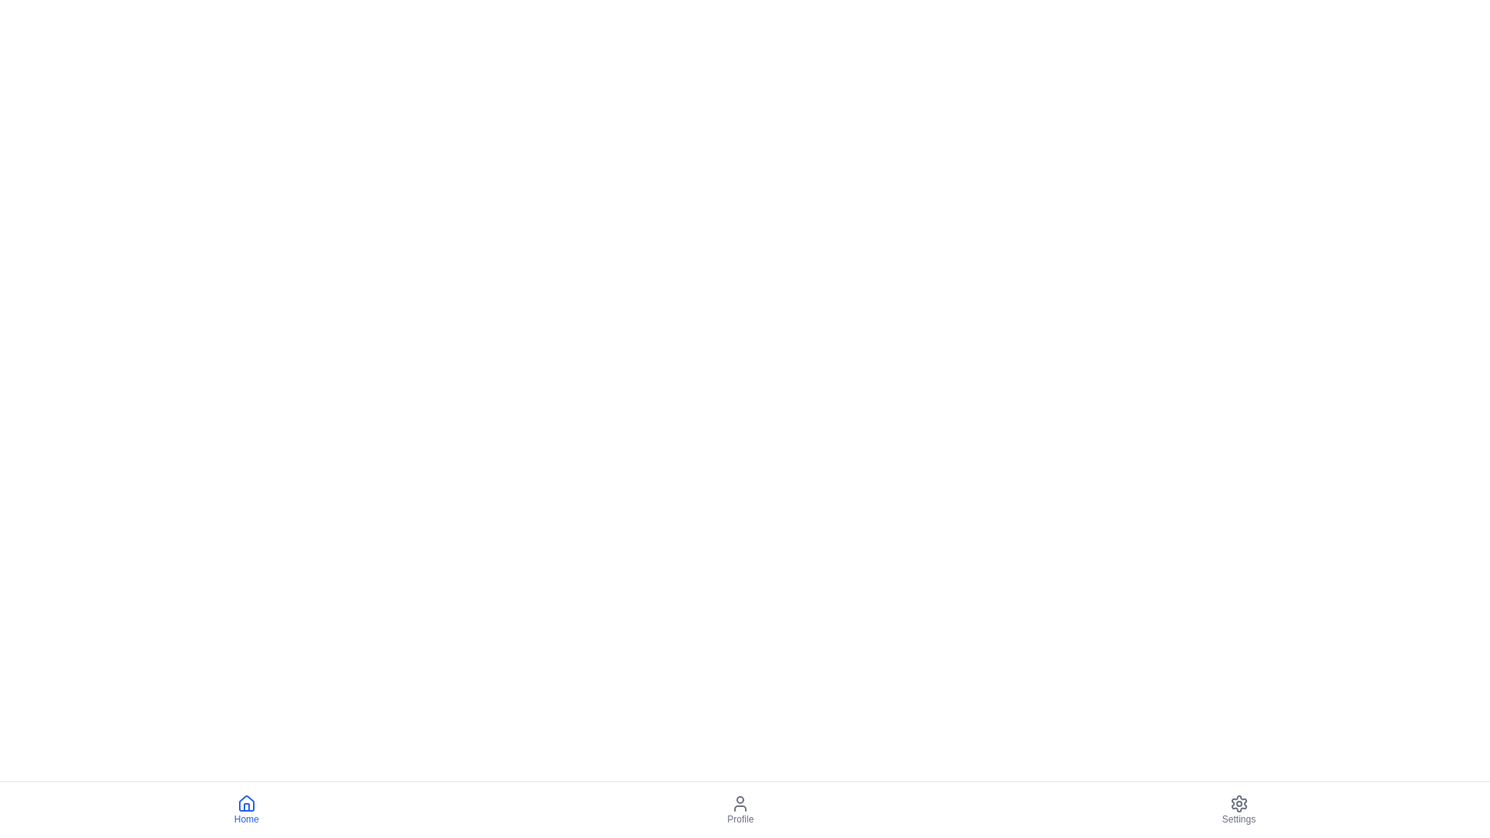 The width and height of the screenshot is (1490, 838). I want to click on the gear-shaped icon located in the middle-top of the 'Settings' button group in the bottom navigation bar, so click(1238, 803).